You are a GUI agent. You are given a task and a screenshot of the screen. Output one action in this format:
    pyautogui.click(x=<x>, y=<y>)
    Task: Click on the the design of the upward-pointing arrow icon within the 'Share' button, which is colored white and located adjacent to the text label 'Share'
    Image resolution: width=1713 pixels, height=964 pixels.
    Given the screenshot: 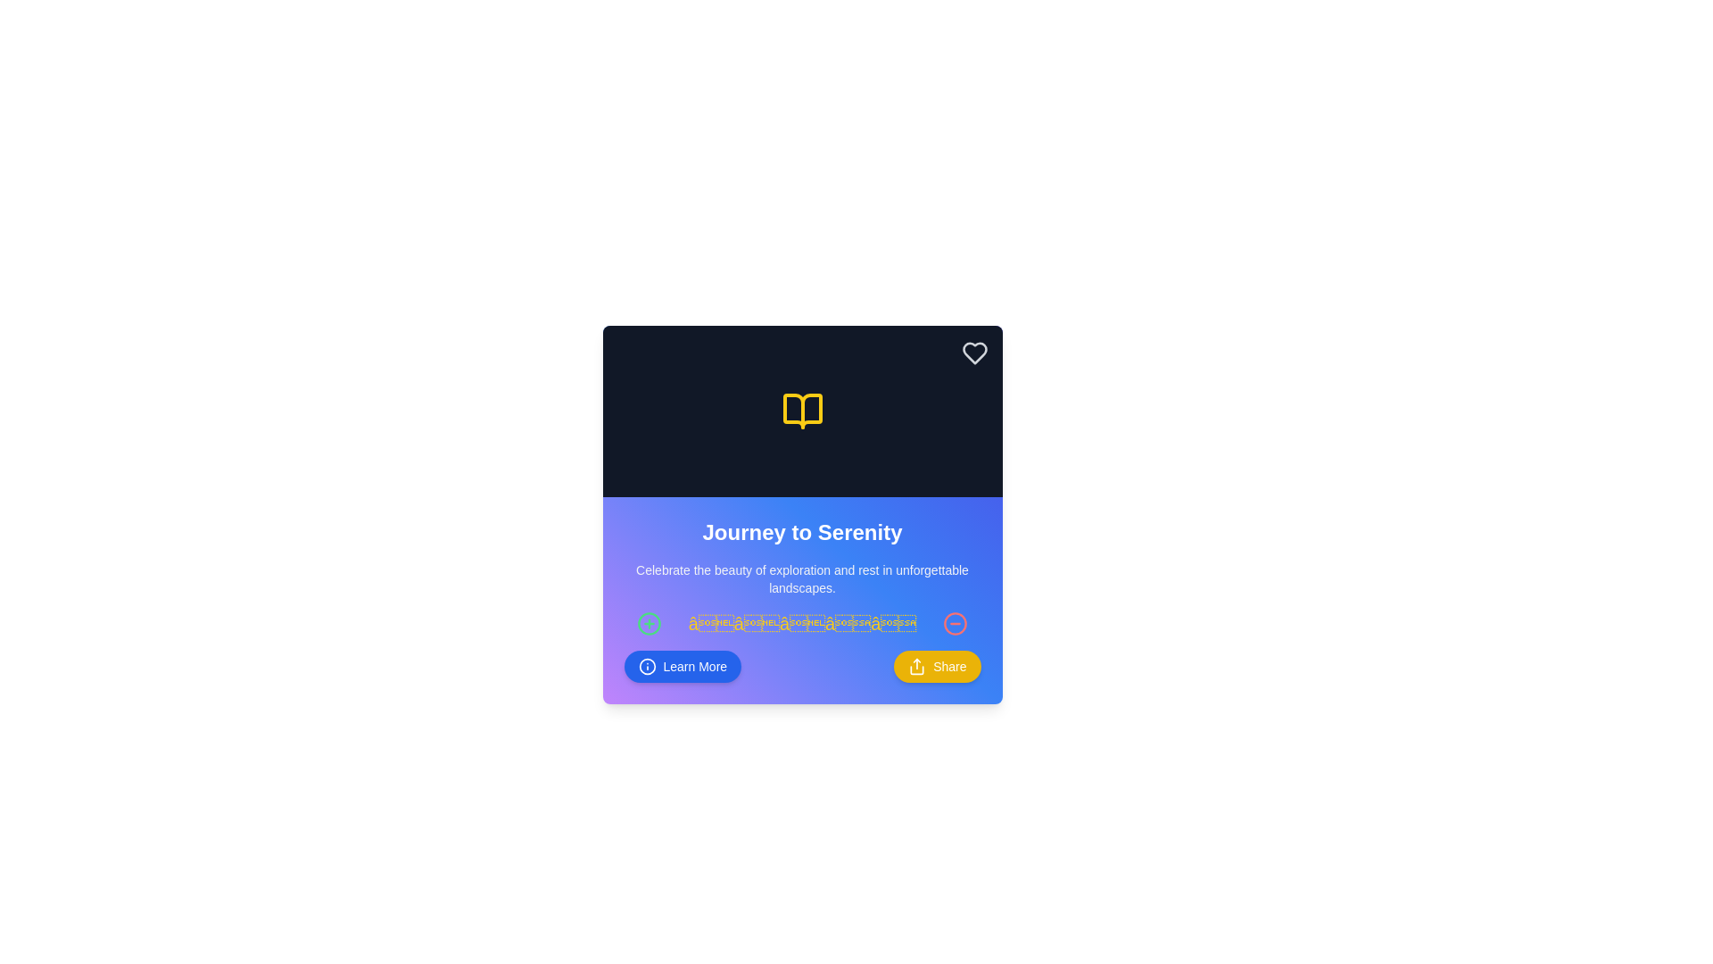 What is the action you would take?
    pyautogui.click(x=917, y=667)
    